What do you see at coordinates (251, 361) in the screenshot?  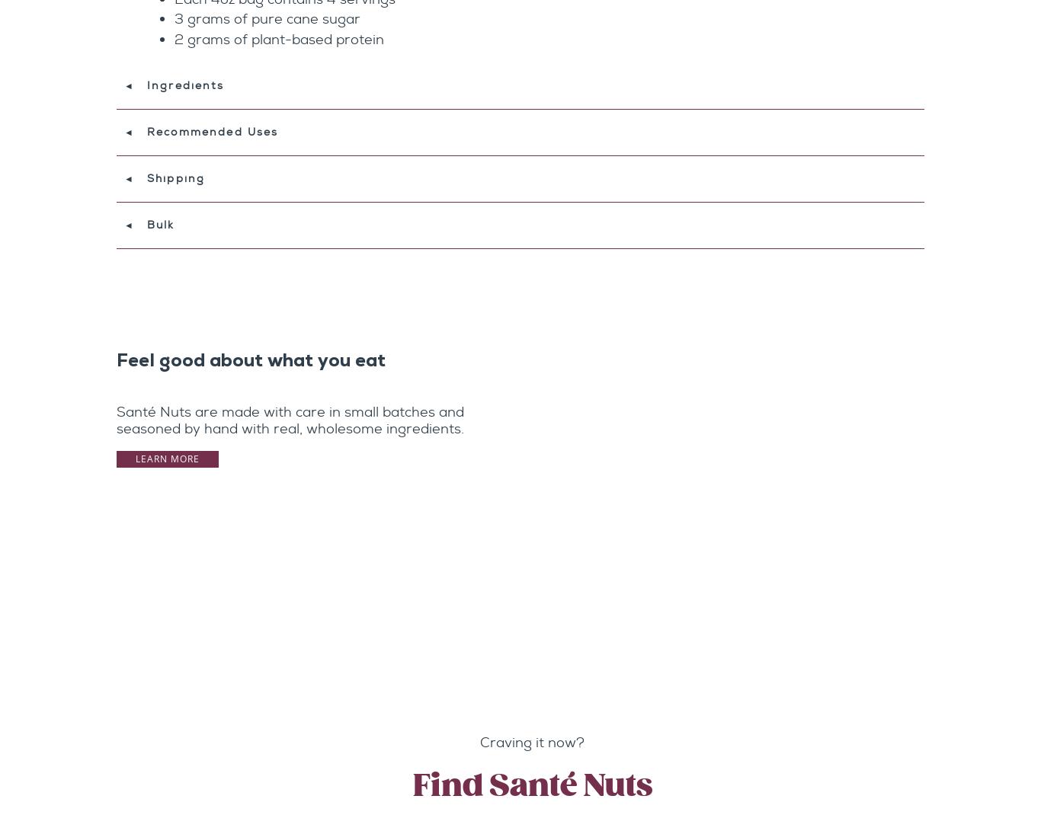 I see `'Feel good about what you eat'` at bounding box center [251, 361].